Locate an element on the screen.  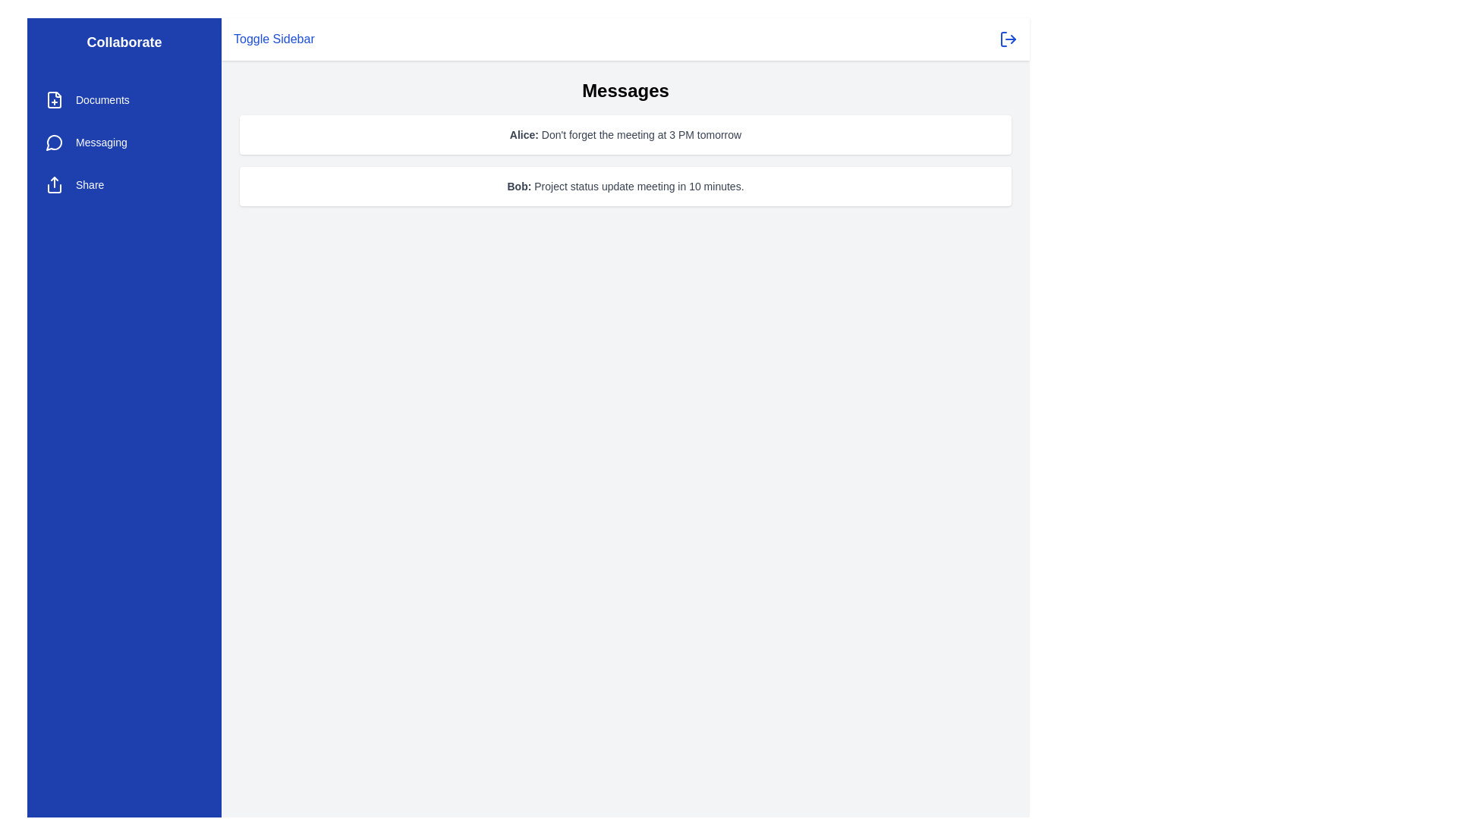
the speech bubble icon located in the blue sidebar, which is the second item in the vertical list menu is located at coordinates (54, 143).